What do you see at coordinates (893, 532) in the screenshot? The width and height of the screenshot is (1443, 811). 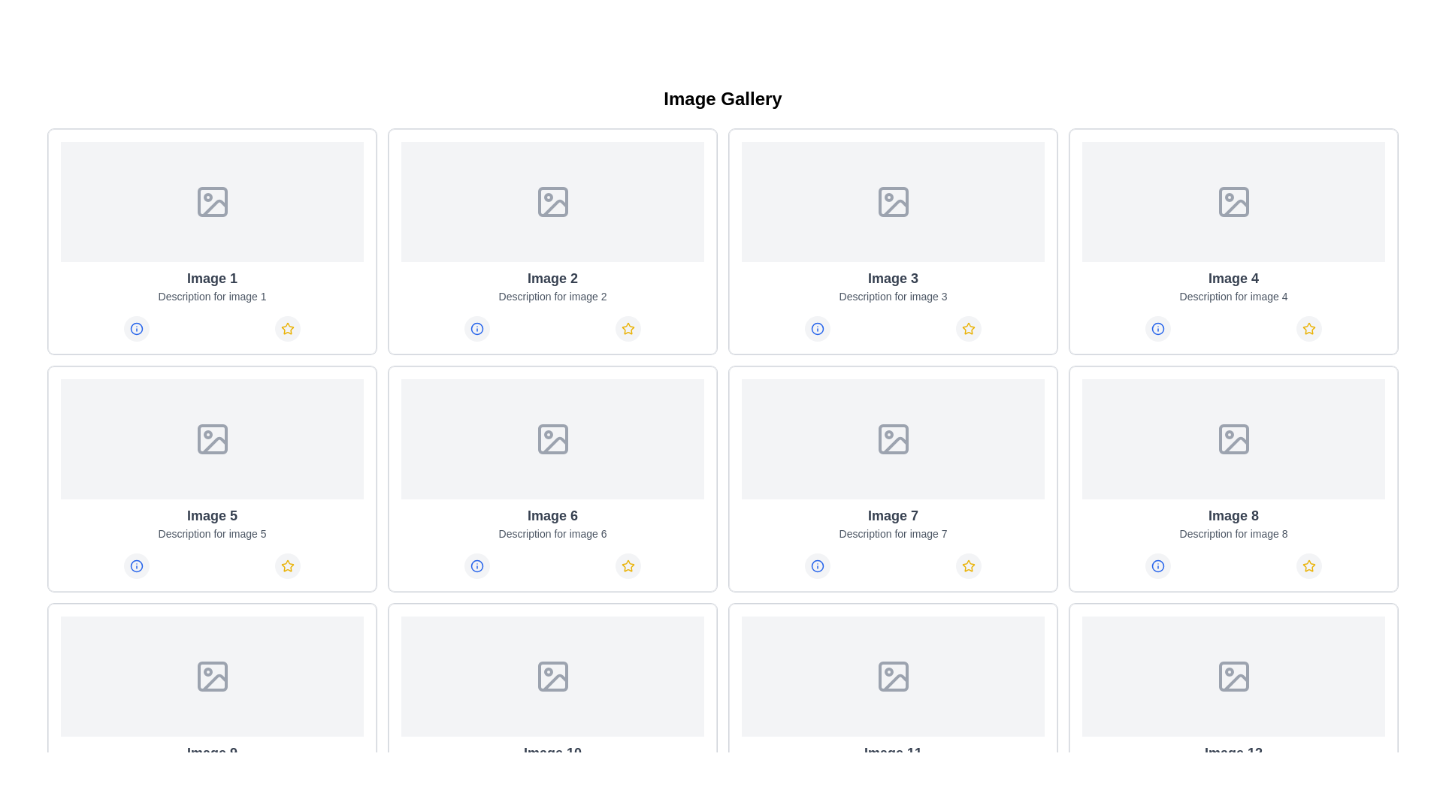 I see `the descriptive caption for 'Image 7', which is located beneath its title and above the icons for additional interactions` at bounding box center [893, 532].